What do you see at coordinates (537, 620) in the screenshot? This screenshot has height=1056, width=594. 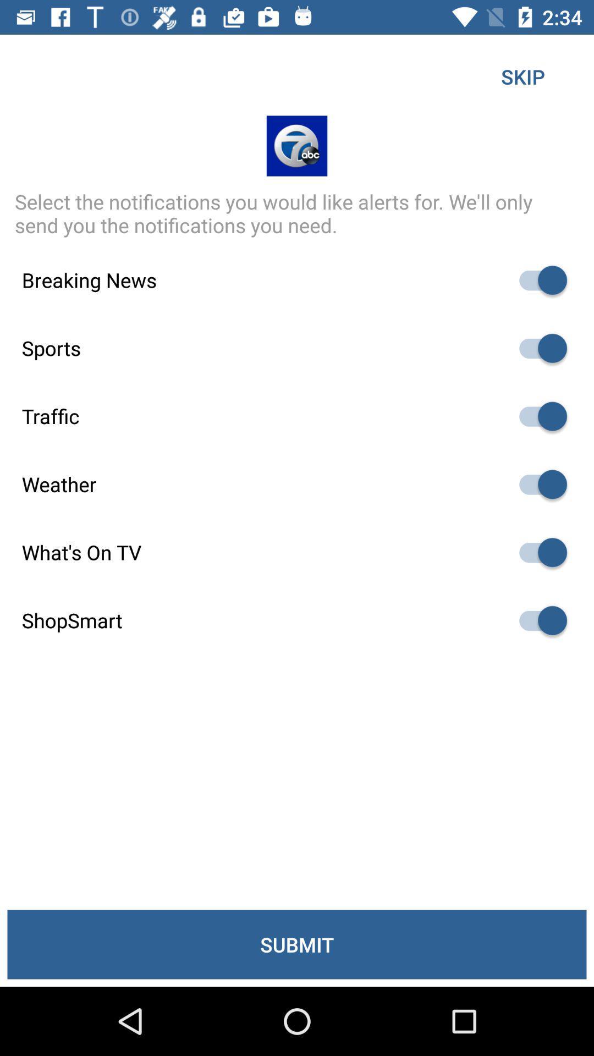 I see `switch autoplay option` at bounding box center [537, 620].